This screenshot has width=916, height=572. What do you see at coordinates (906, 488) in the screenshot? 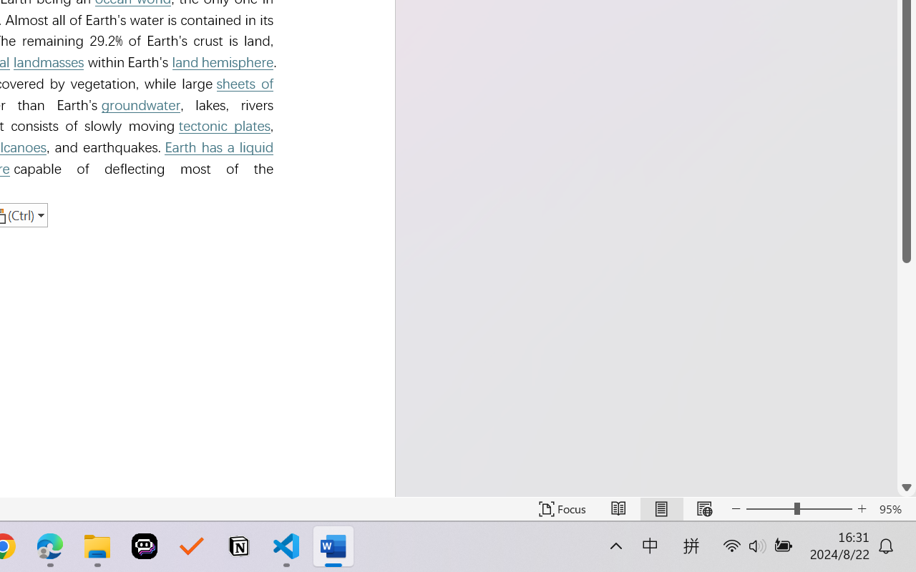
I see `'Line down'` at bounding box center [906, 488].